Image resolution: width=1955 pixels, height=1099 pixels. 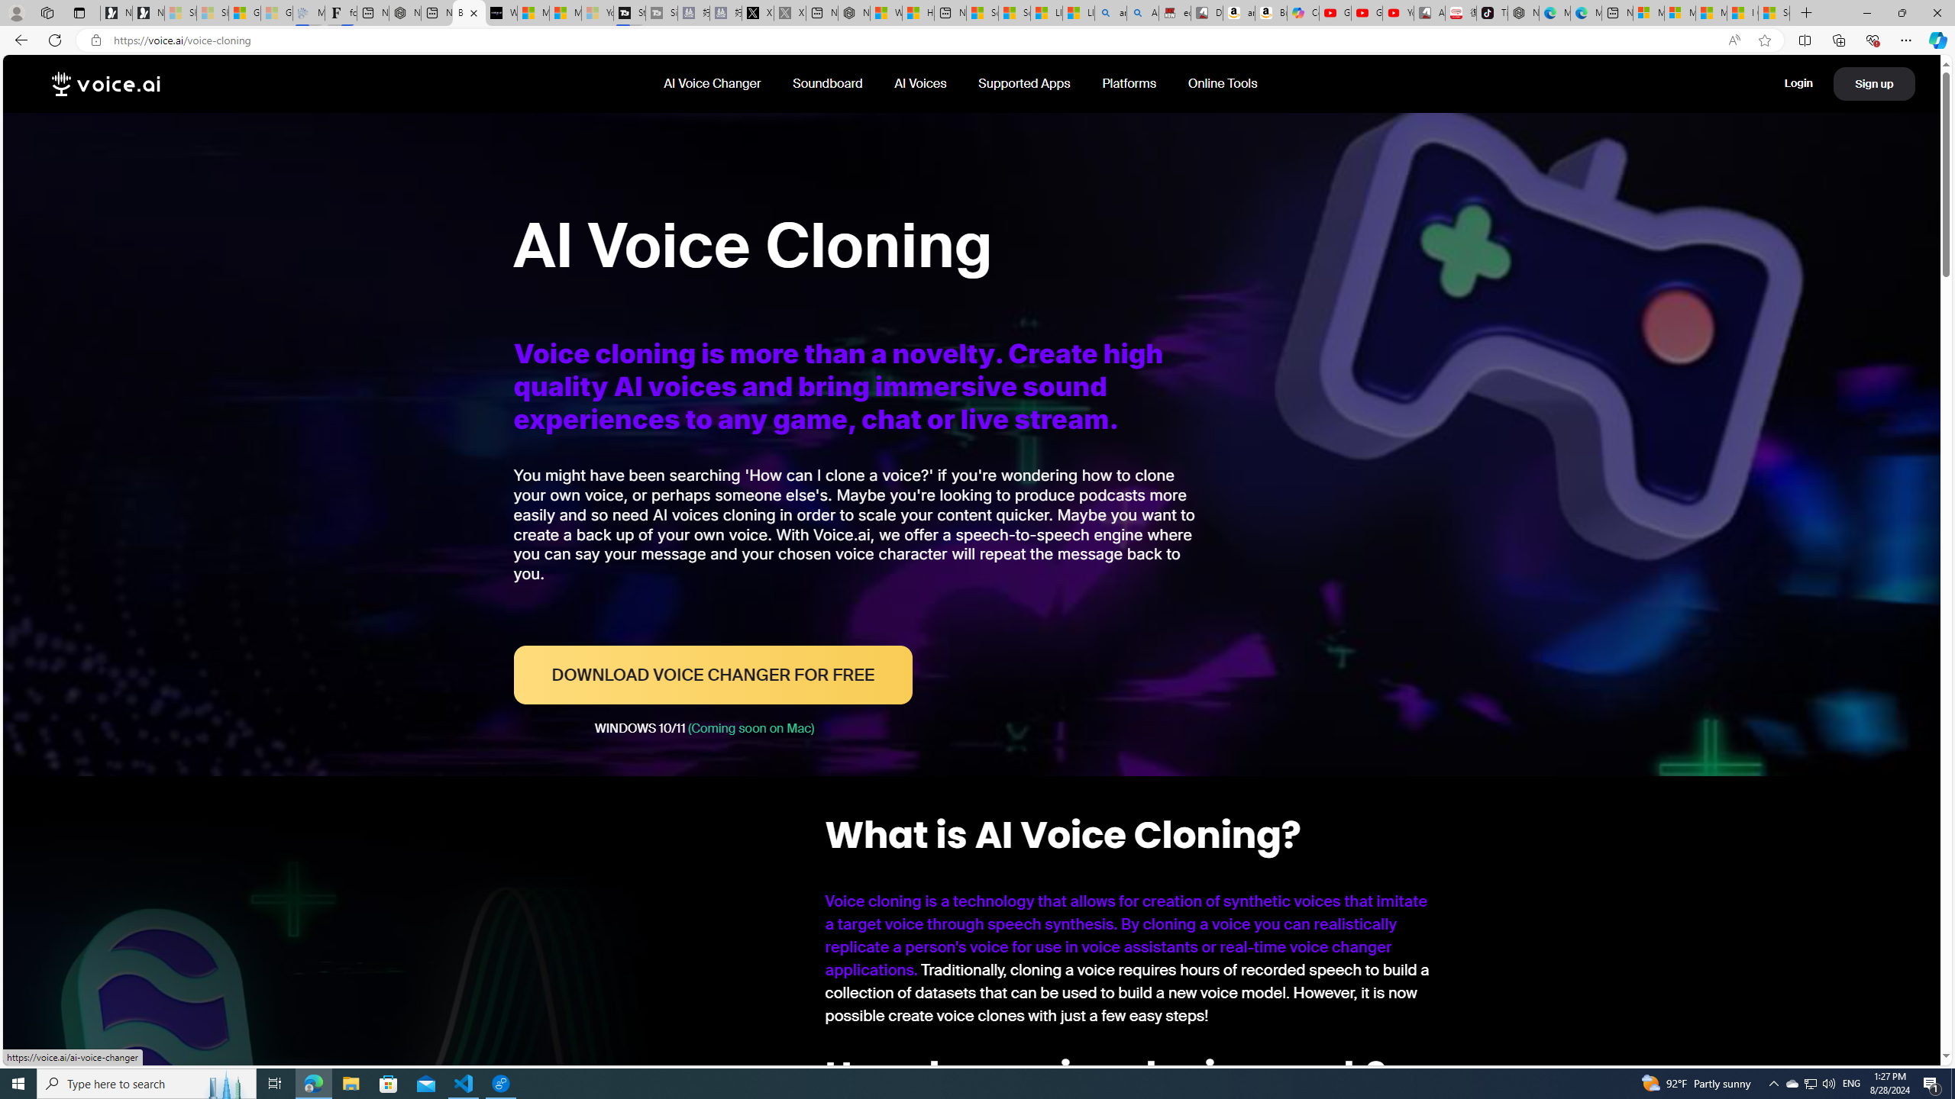 What do you see at coordinates (1743, 12) in the screenshot?
I see `'I Gained 20 Pounds of Muscle in 30 Days! | Watch'` at bounding box center [1743, 12].